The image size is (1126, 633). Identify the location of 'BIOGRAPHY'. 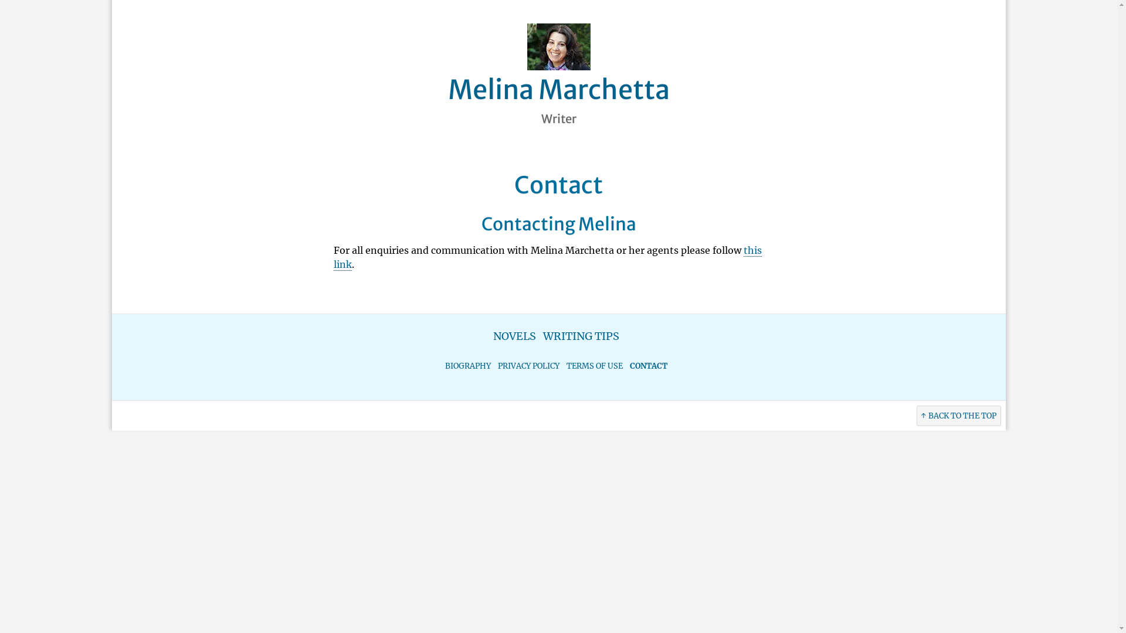
(467, 365).